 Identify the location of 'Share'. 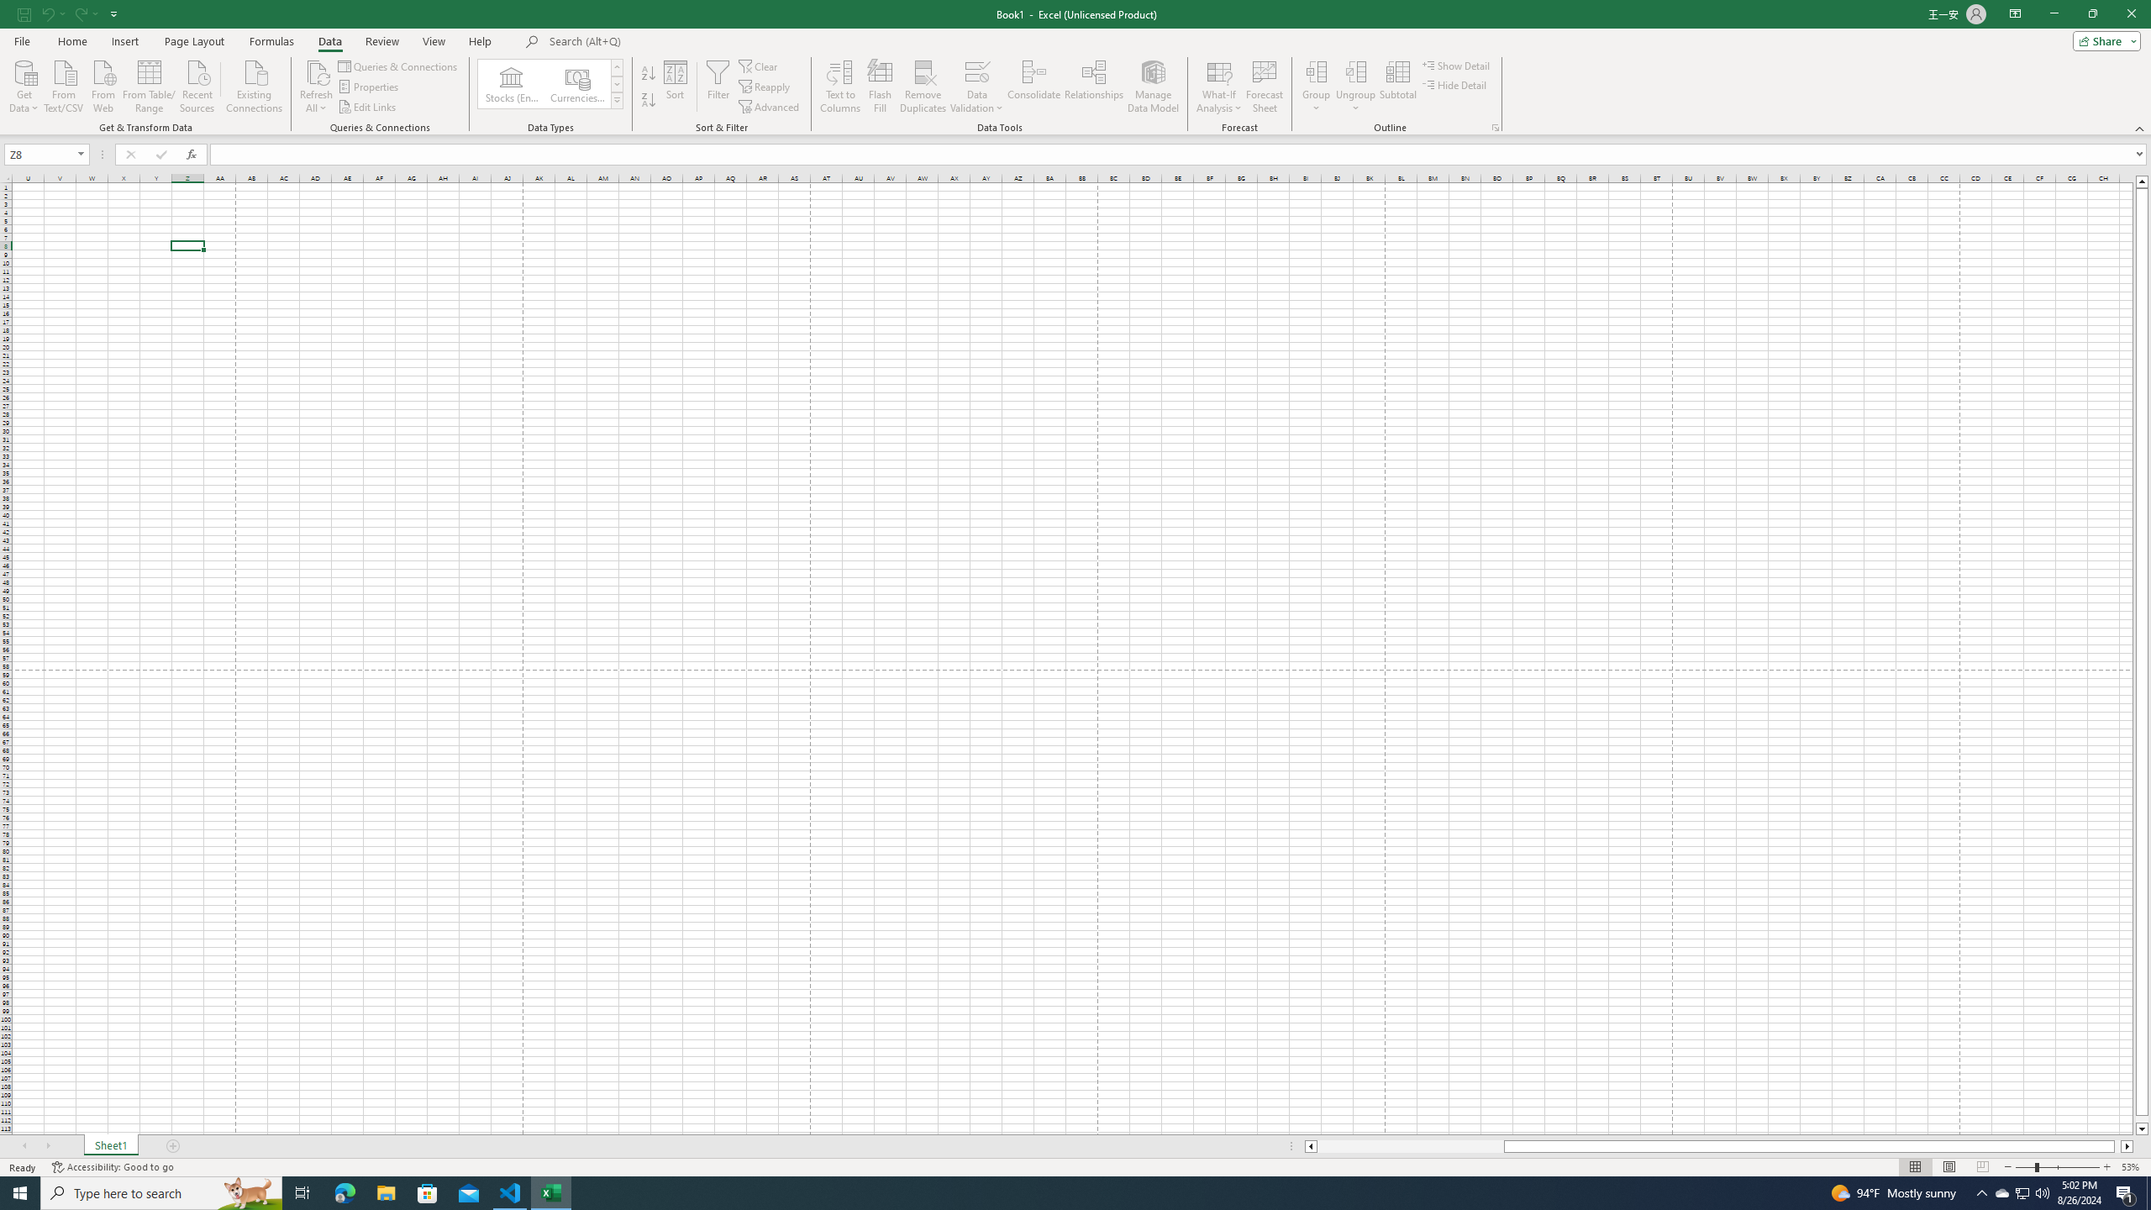
(2102, 39).